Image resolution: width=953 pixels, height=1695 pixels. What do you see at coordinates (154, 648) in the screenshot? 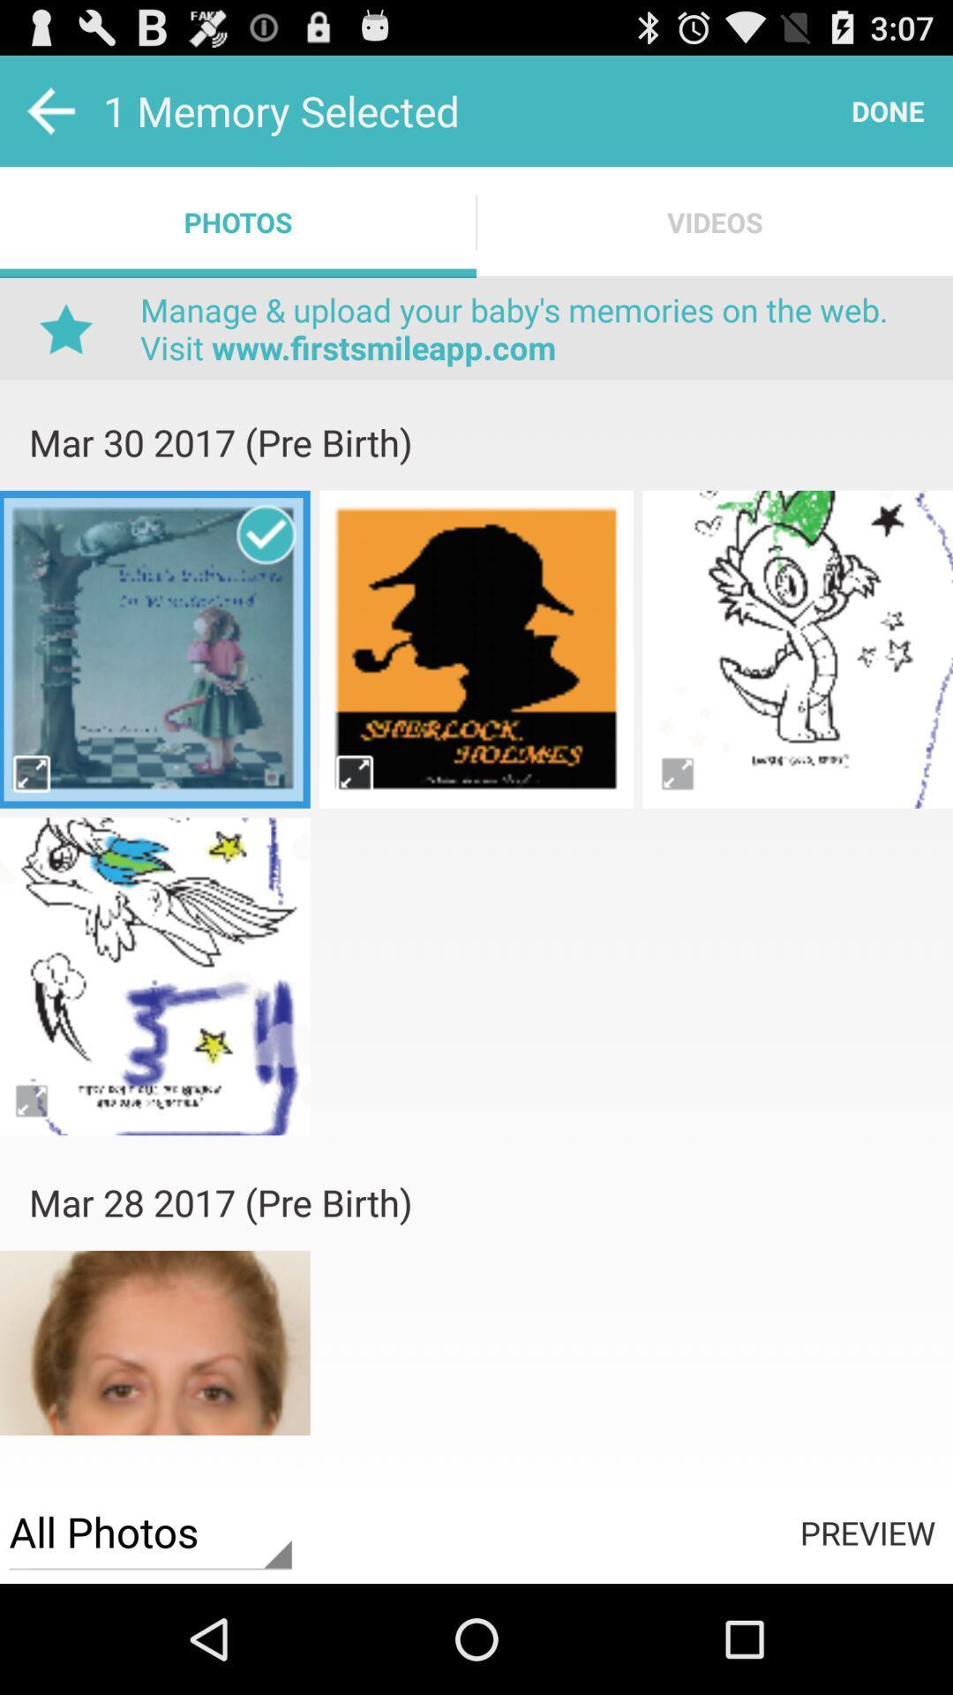
I see `click on the image` at bounding box center [154, 648].